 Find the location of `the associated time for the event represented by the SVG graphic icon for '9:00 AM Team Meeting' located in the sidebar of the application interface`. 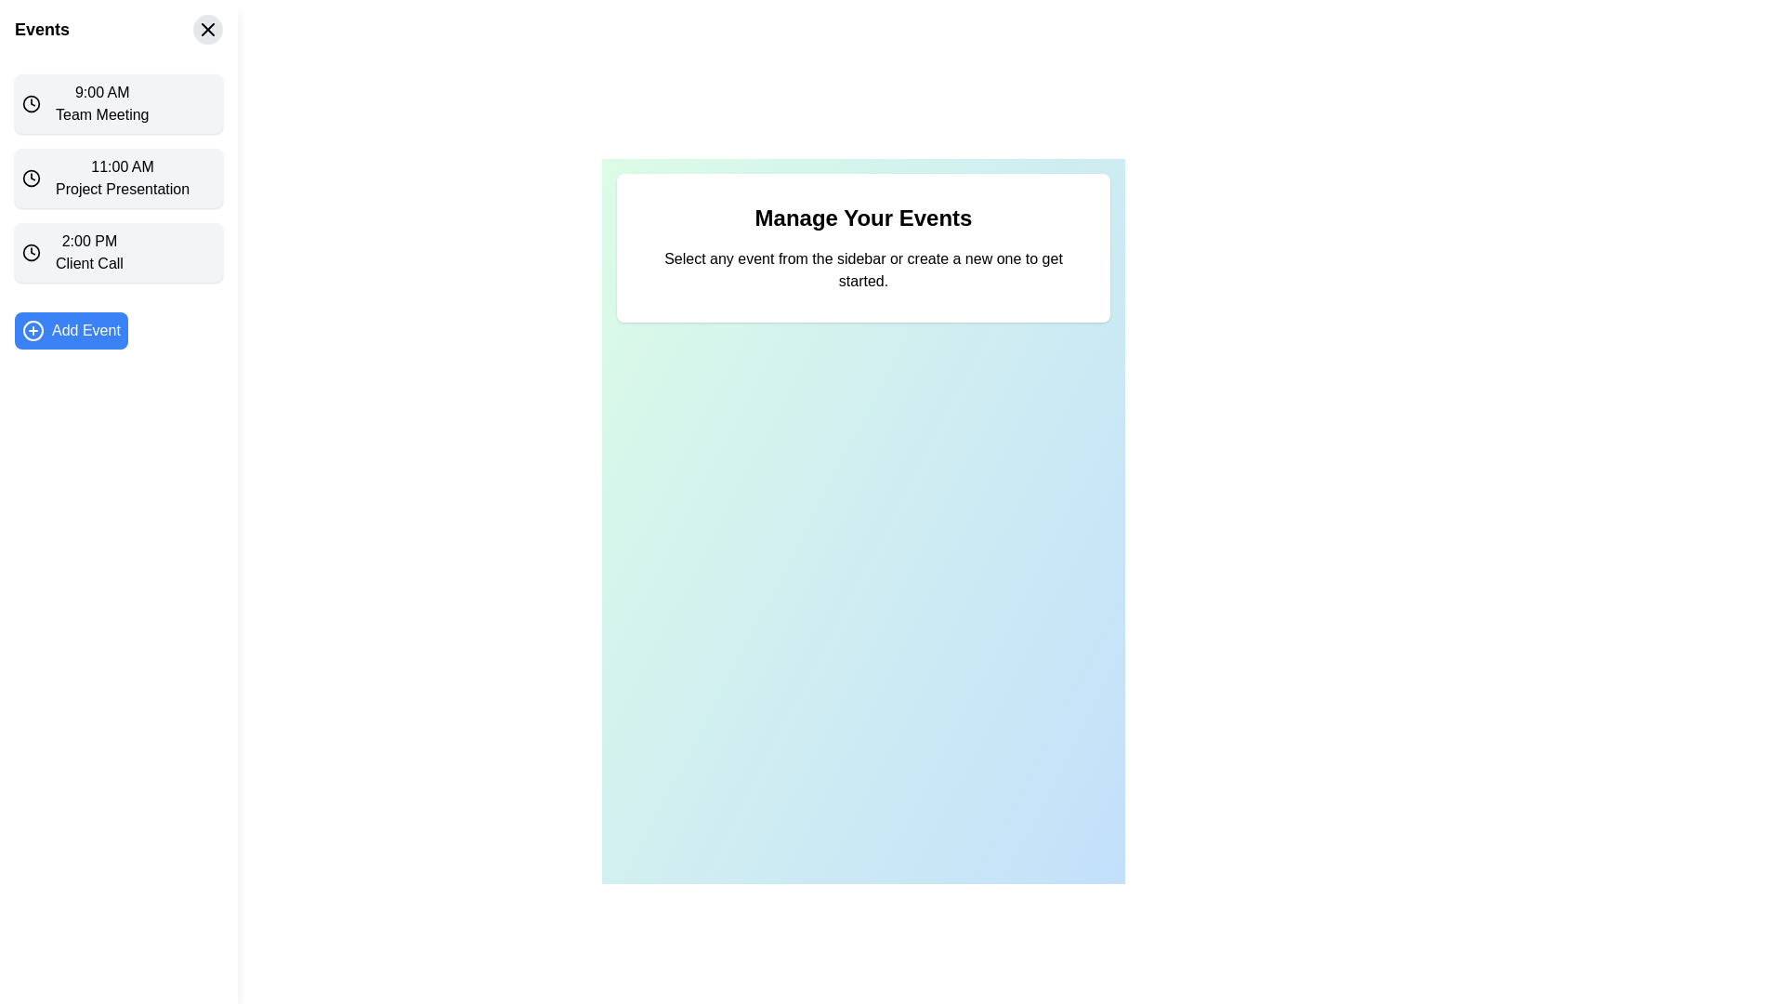

the associated time for the event represented by the SVG graphic icon for '9:00 AM Team Meeting' located in the sidebar of the application interface is located at coordinates (31, 103).